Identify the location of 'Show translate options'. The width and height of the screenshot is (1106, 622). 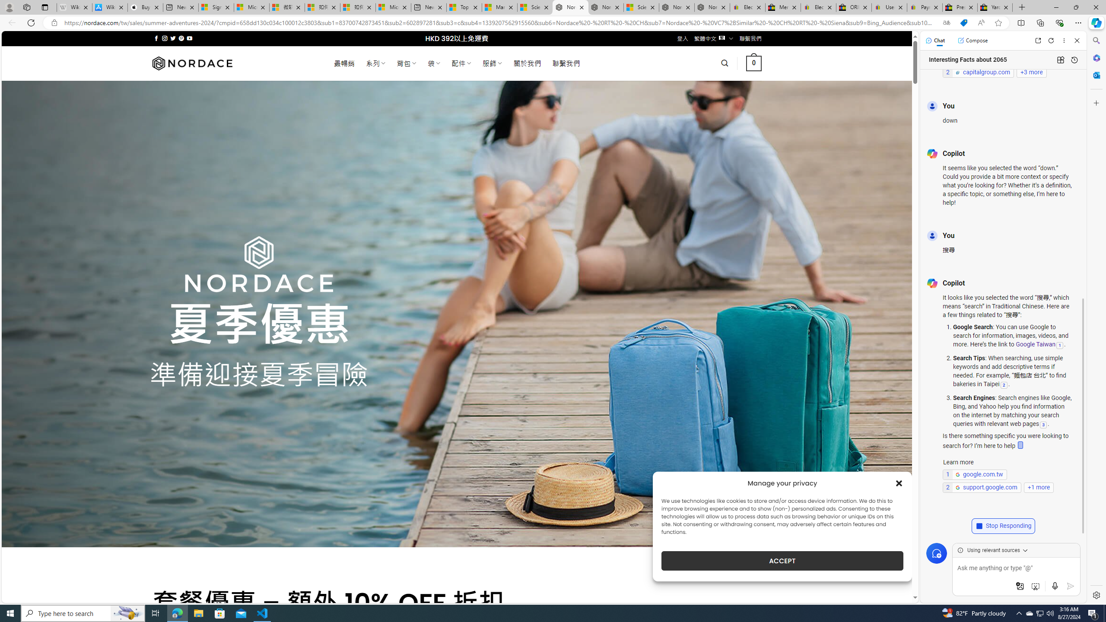
(946, 23).